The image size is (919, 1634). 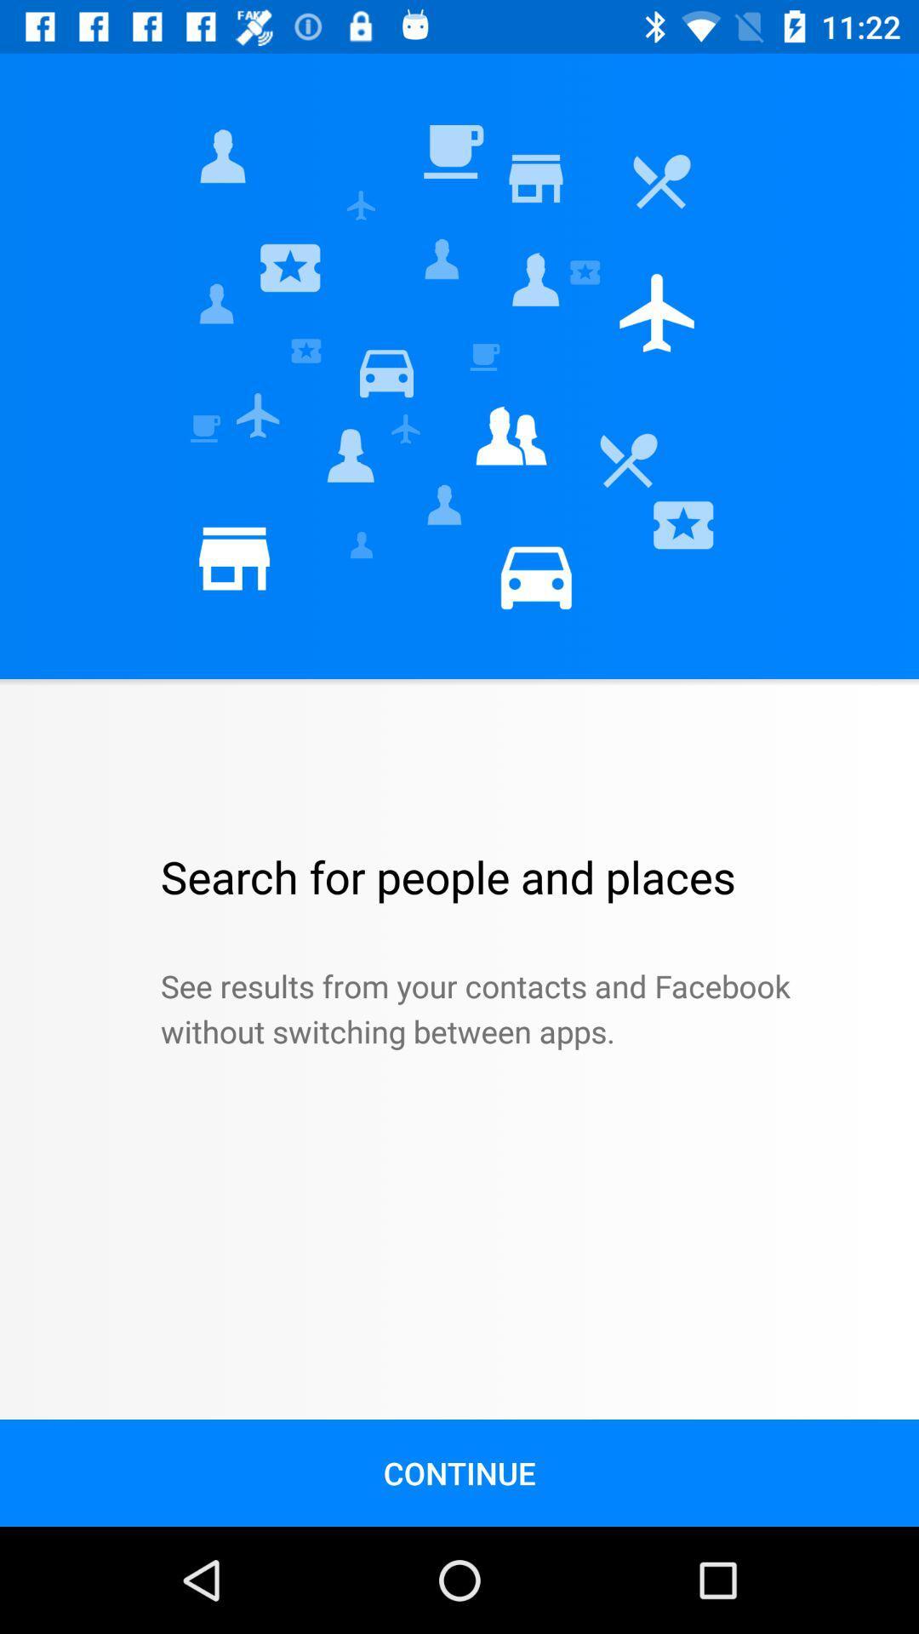 I want to click on the continue icon, so click(x=459, y=1472).